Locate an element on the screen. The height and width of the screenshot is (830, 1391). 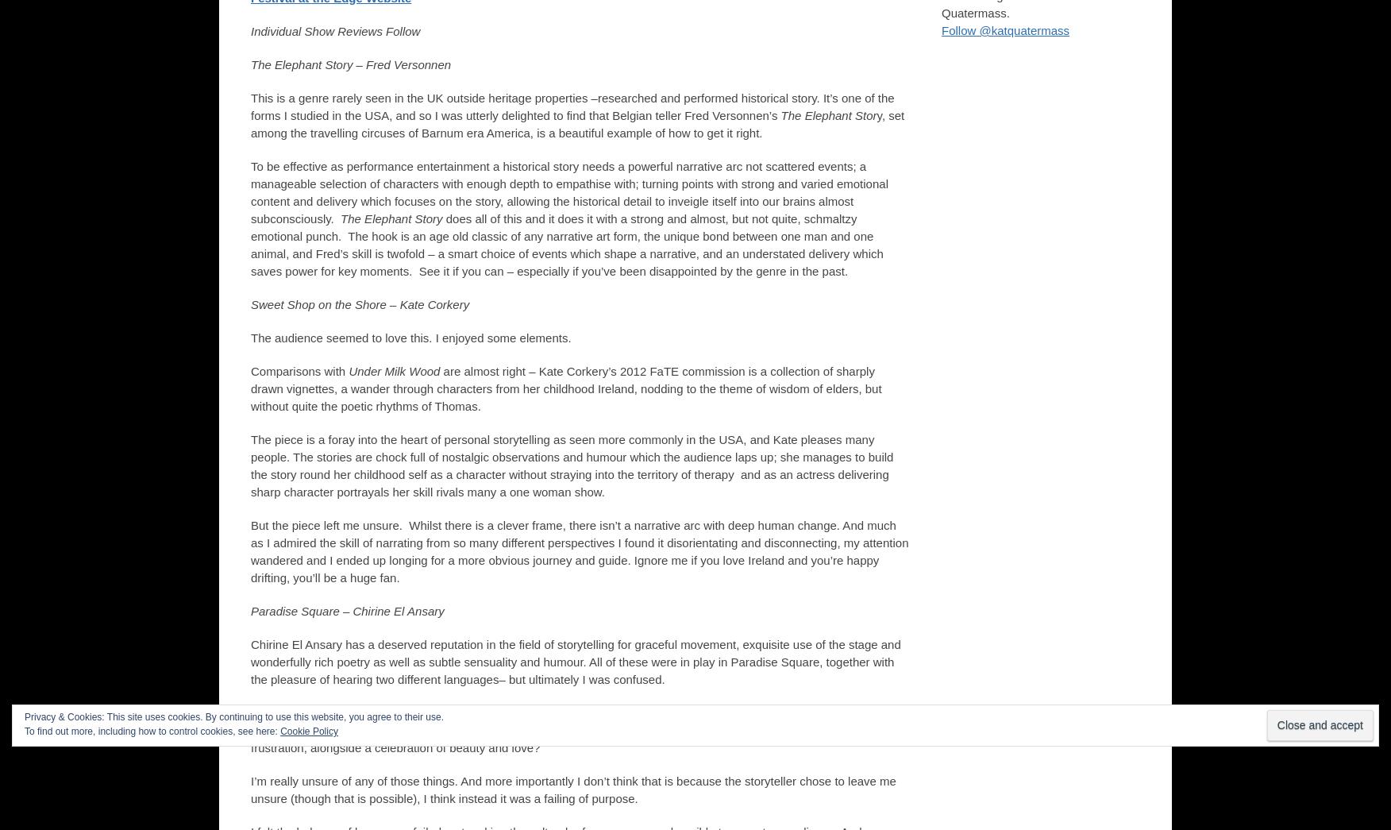
'The piece is a foray into the heart of personal storytelling as seen more commonly in the USA, and Kate pleases many people. The stories are chock full of nostalgic observations and humour which the audience laps up; she manages to build the story round her childhood self as a character without straying into the territory of therapy  and as an actress delivering sharp character portrayals her skill rivals many a one woman show.' is located at coordinates (571, 465).